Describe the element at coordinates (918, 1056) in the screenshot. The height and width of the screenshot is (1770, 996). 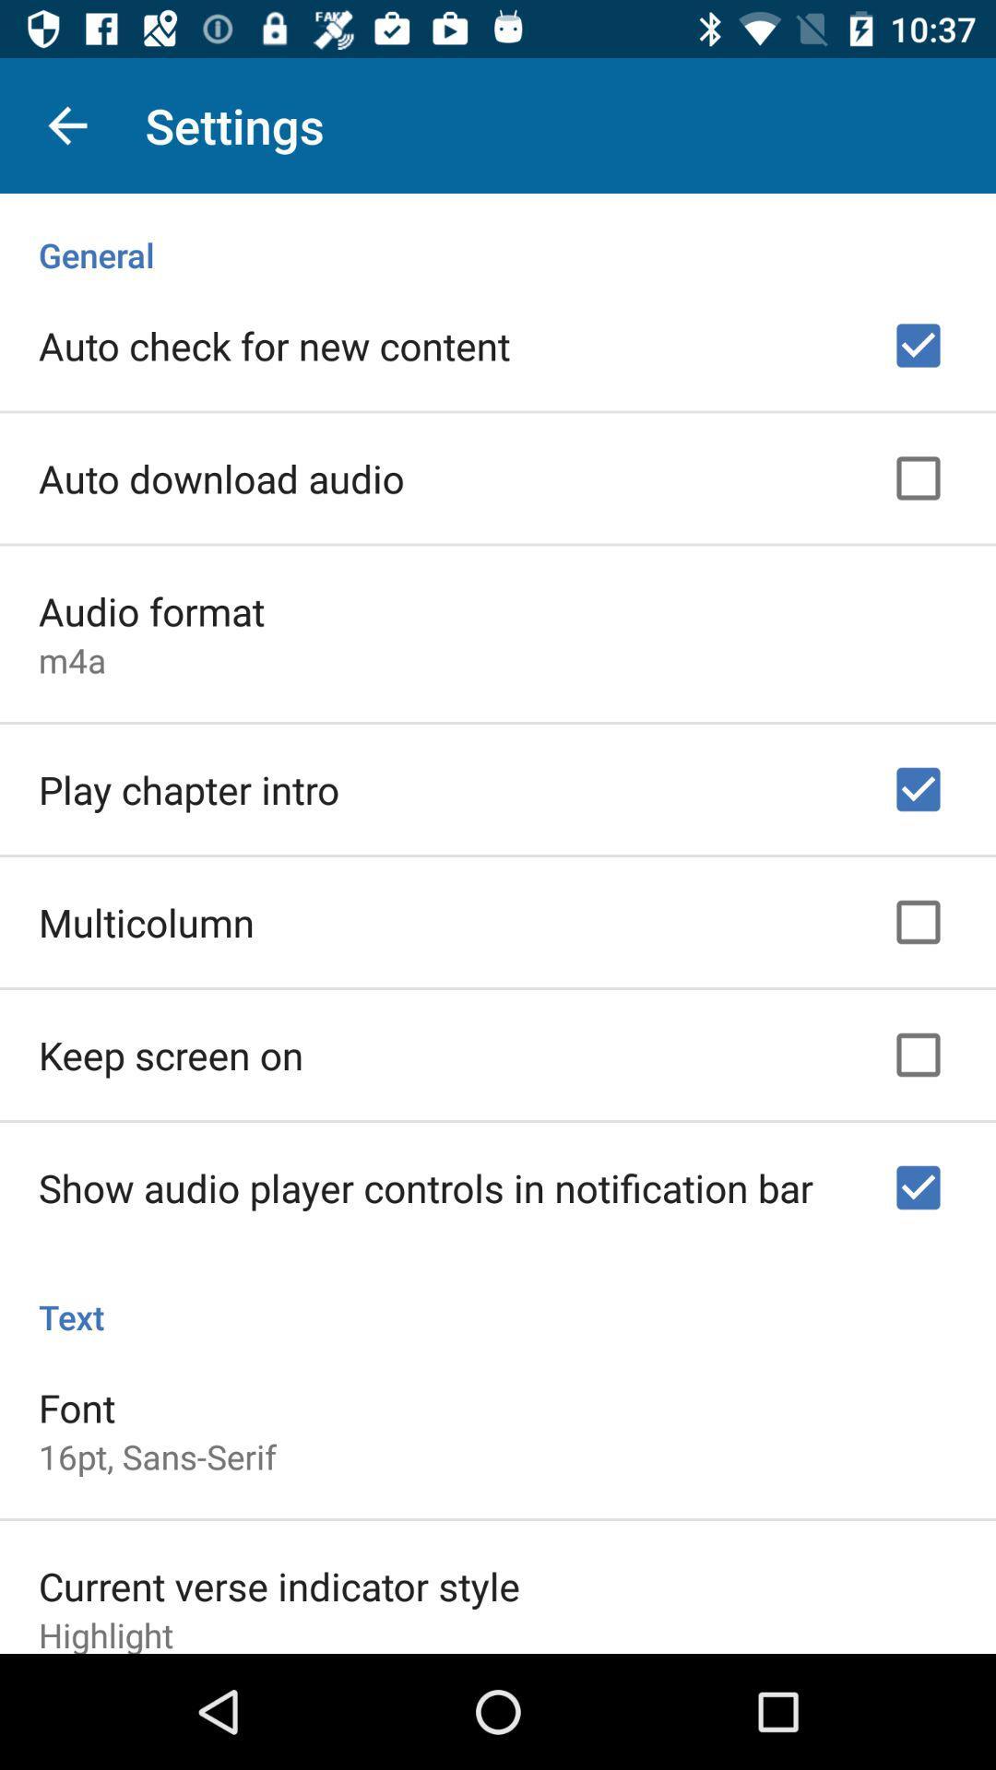
I see `the fifth check box` at that location.